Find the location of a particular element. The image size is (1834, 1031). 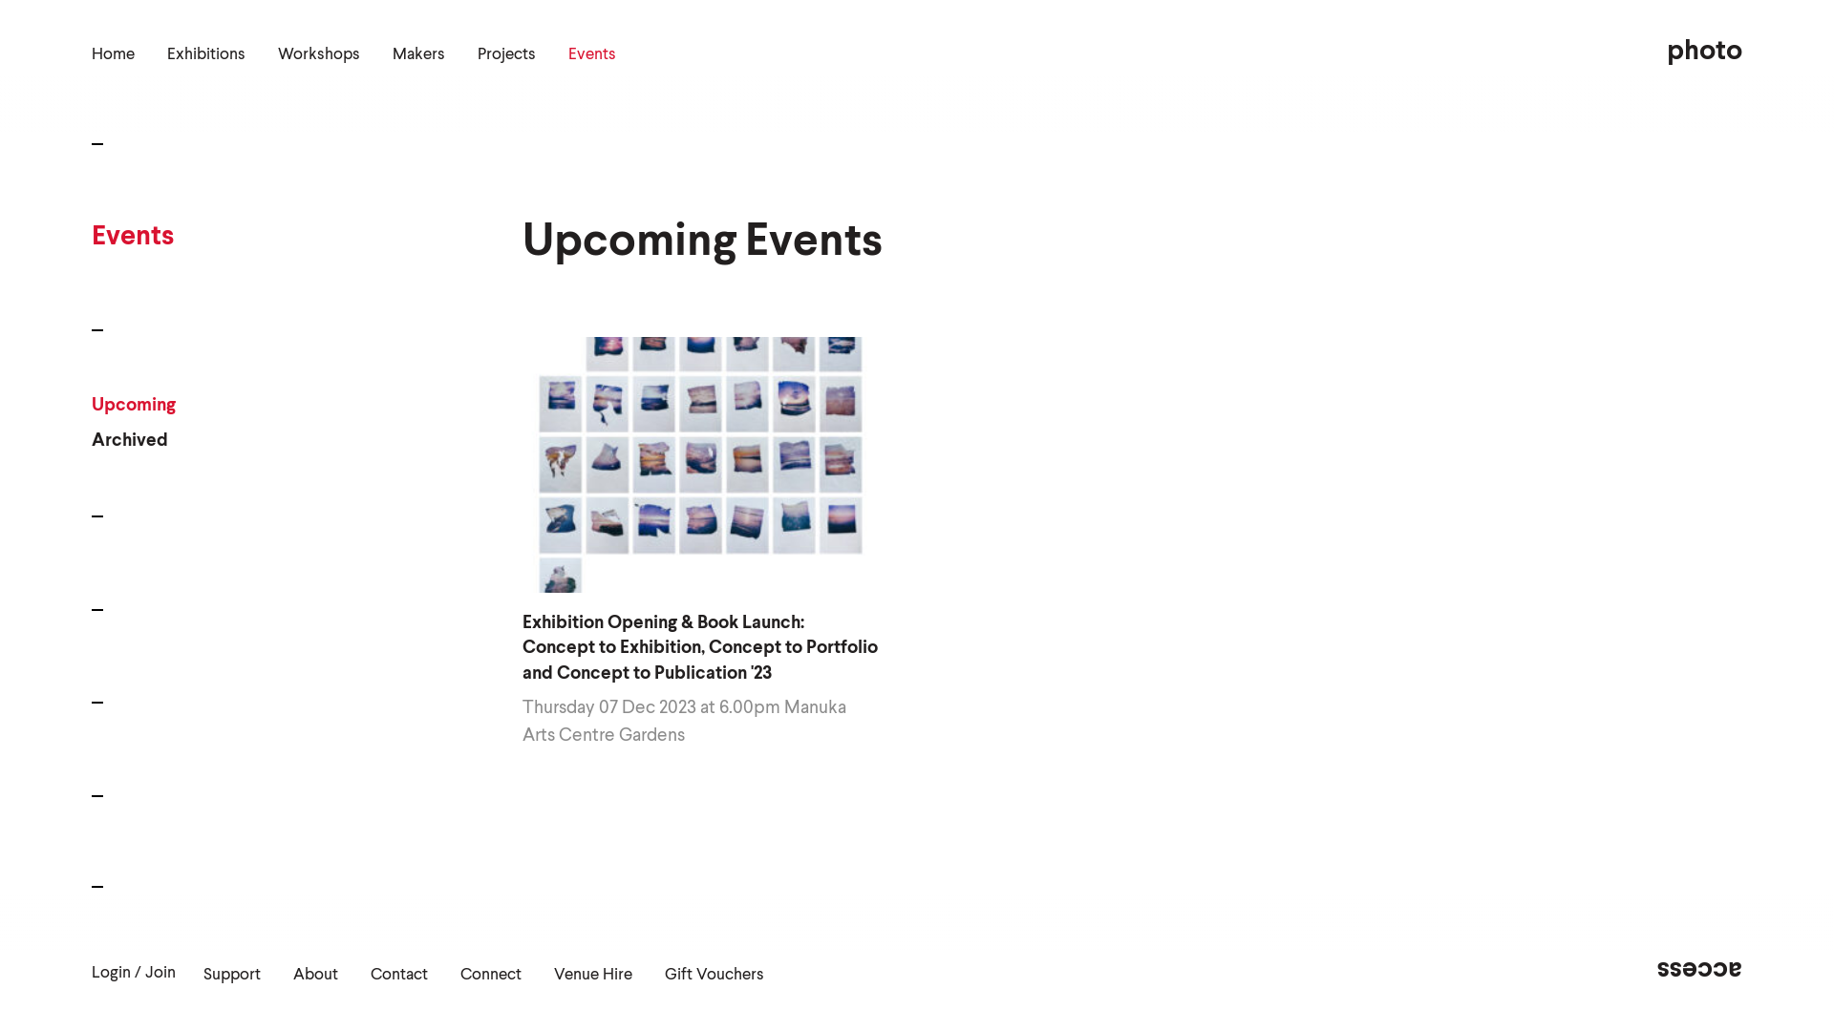

'Home' is located at coordinates (112, 53).